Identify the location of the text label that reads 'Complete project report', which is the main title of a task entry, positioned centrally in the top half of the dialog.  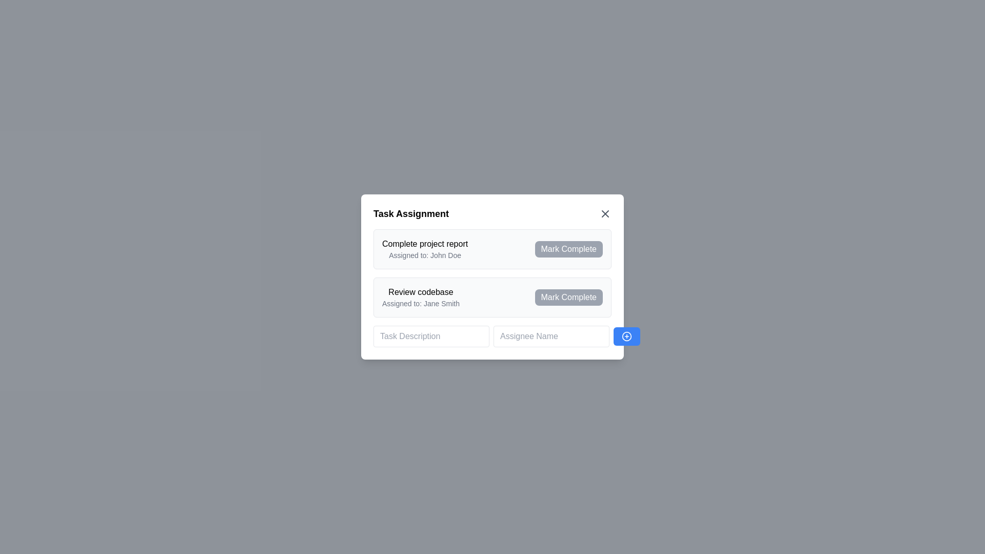
(425, 244).